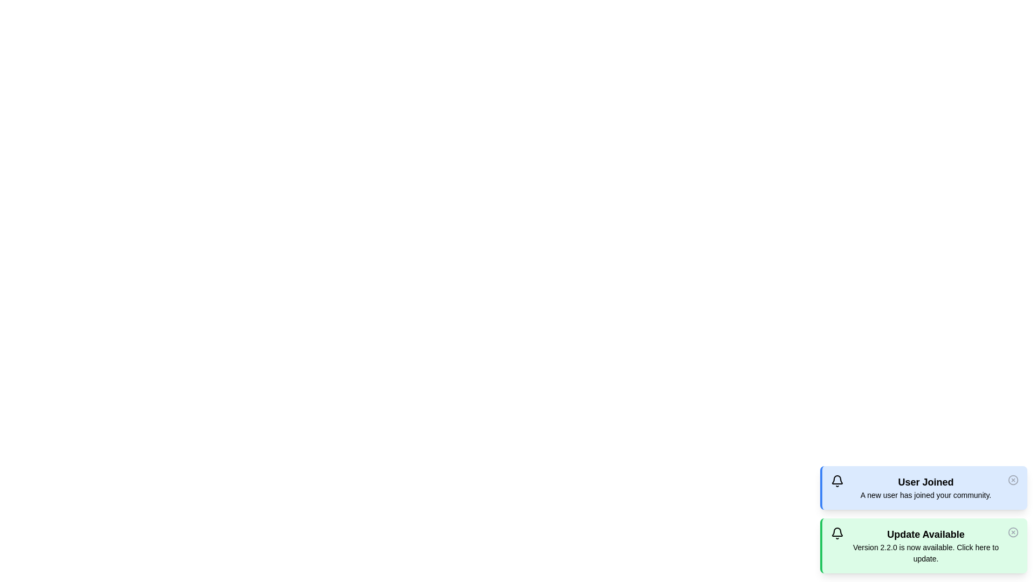  Describe the element at coordinates (923, 488) in the screenshot. I see `the notification to read its details` at that location.